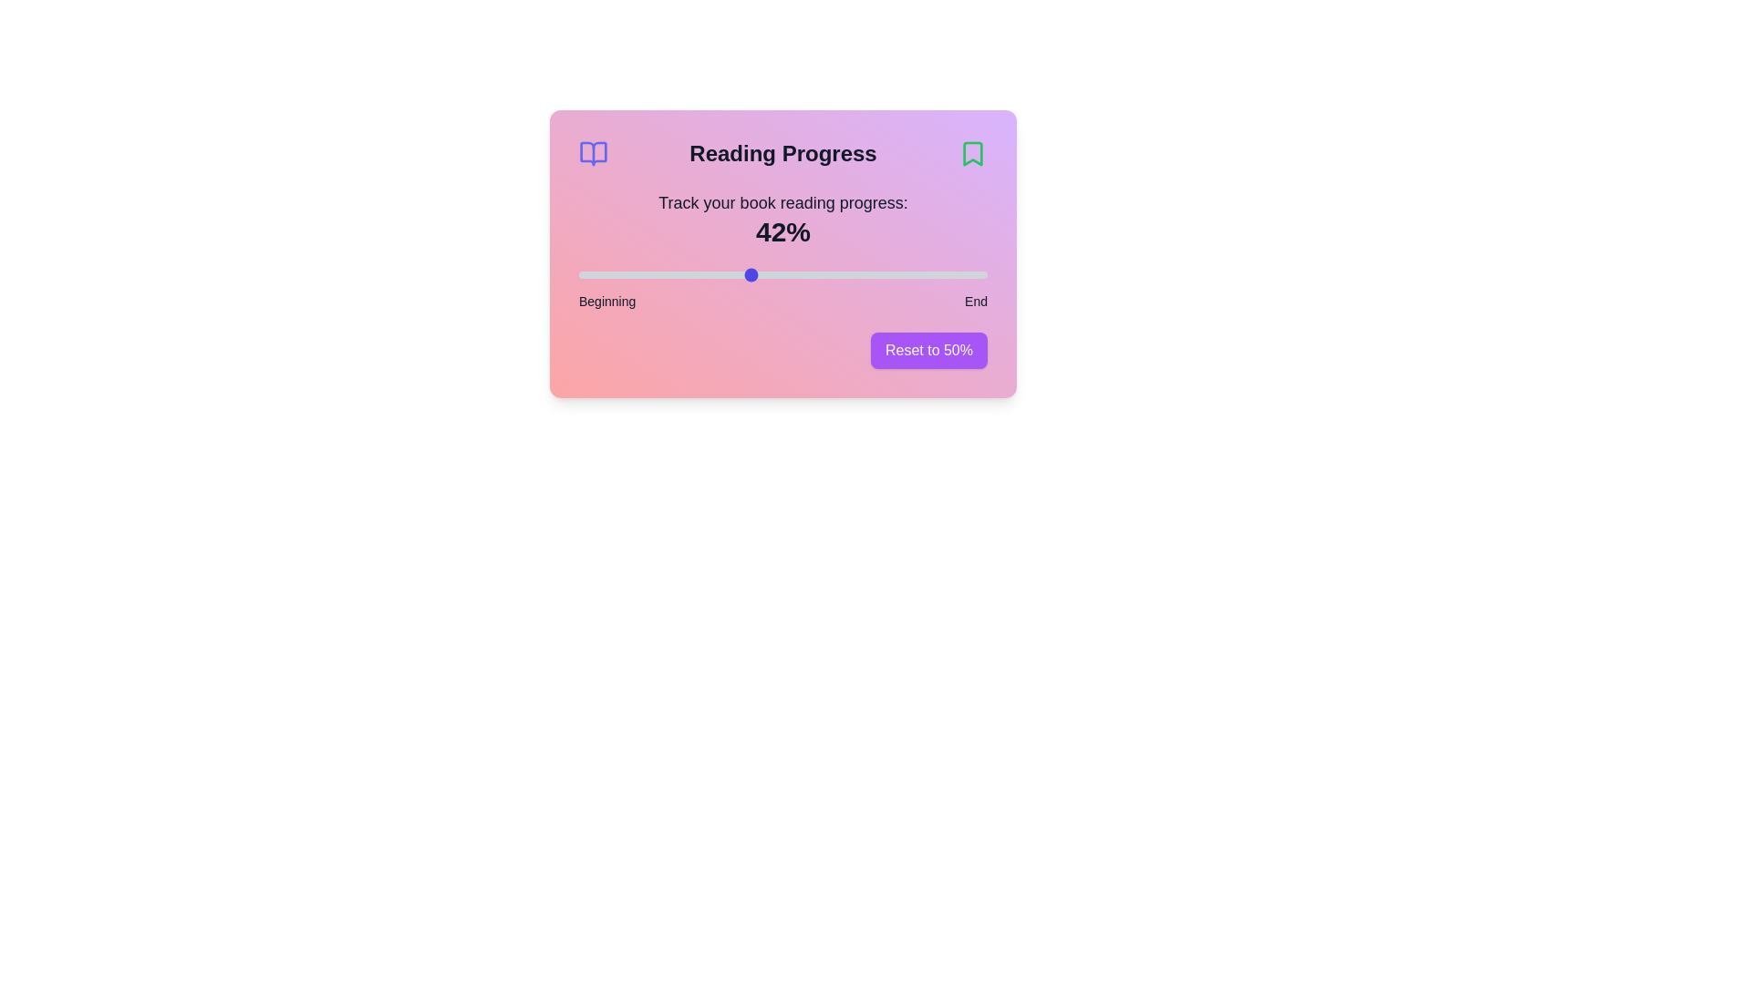 The height and width of the screenshot is (984, 1751). Describe the element at coordinates (889, 274) in the screenshot. I see `the reading progress slider to 76%` at that location.